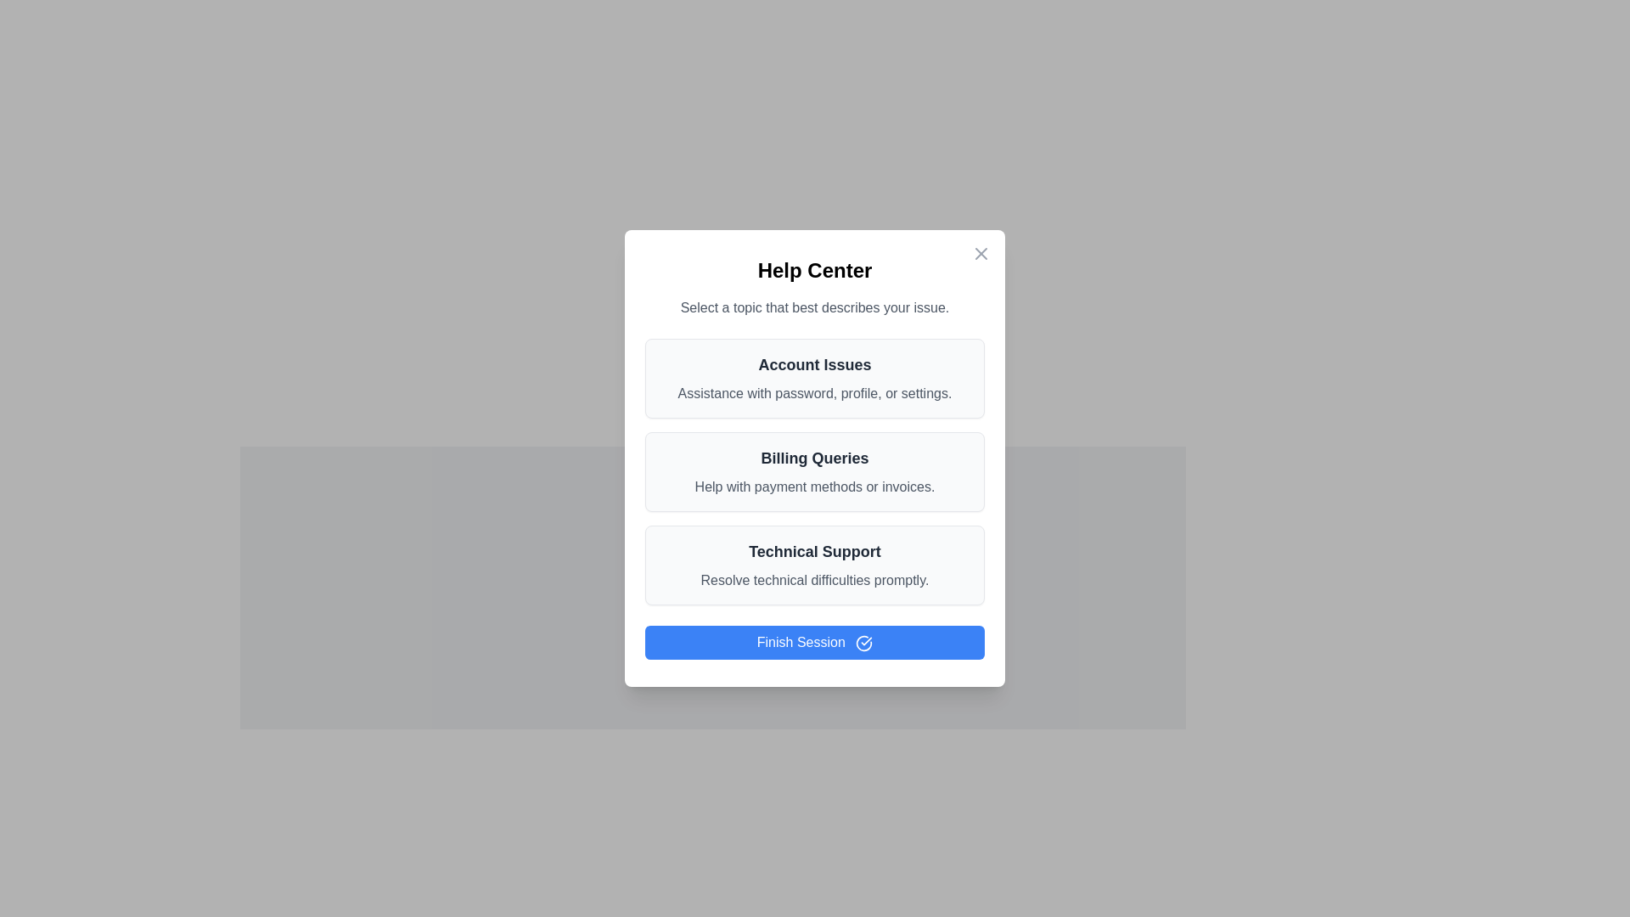 The image size is (1630, 917). Describe the element at coordinates (981, 254) in the screenshot. I see `the close button icon (rounded 'X' symbol) located at the top-right corner of the 'Help Center' modal` at that location.